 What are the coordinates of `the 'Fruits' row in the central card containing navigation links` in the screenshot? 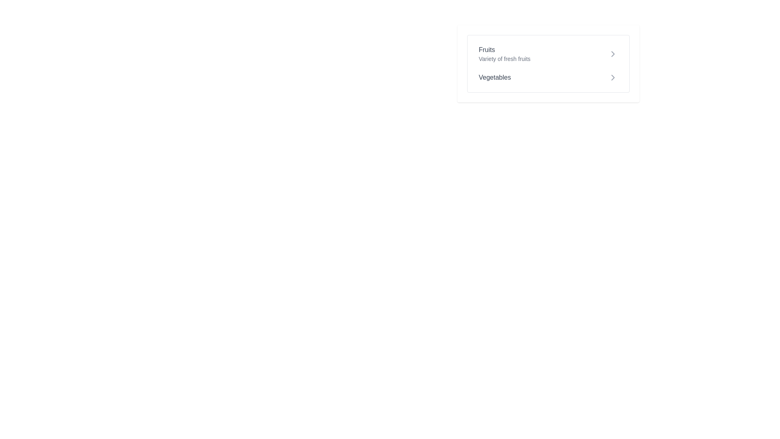 It's located at (548, 63).